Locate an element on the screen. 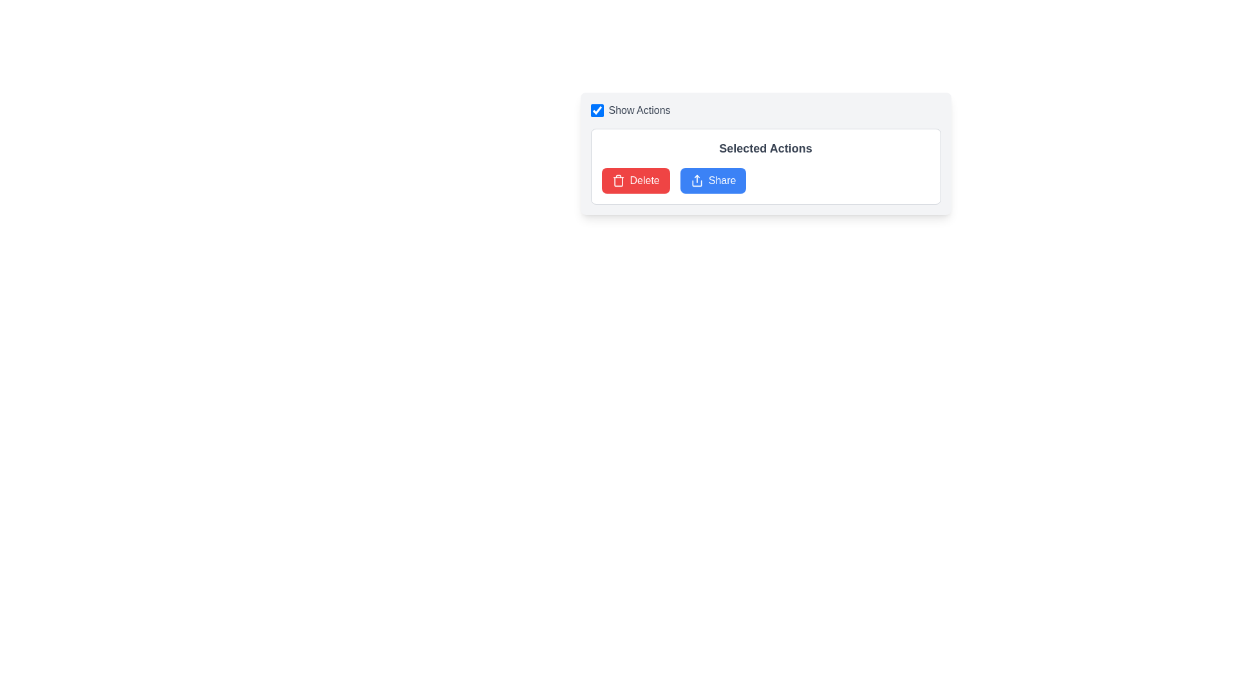  the text label that provides context to the adjacent checkbox, located near the top of the interface is located at coordinates (639, 110).